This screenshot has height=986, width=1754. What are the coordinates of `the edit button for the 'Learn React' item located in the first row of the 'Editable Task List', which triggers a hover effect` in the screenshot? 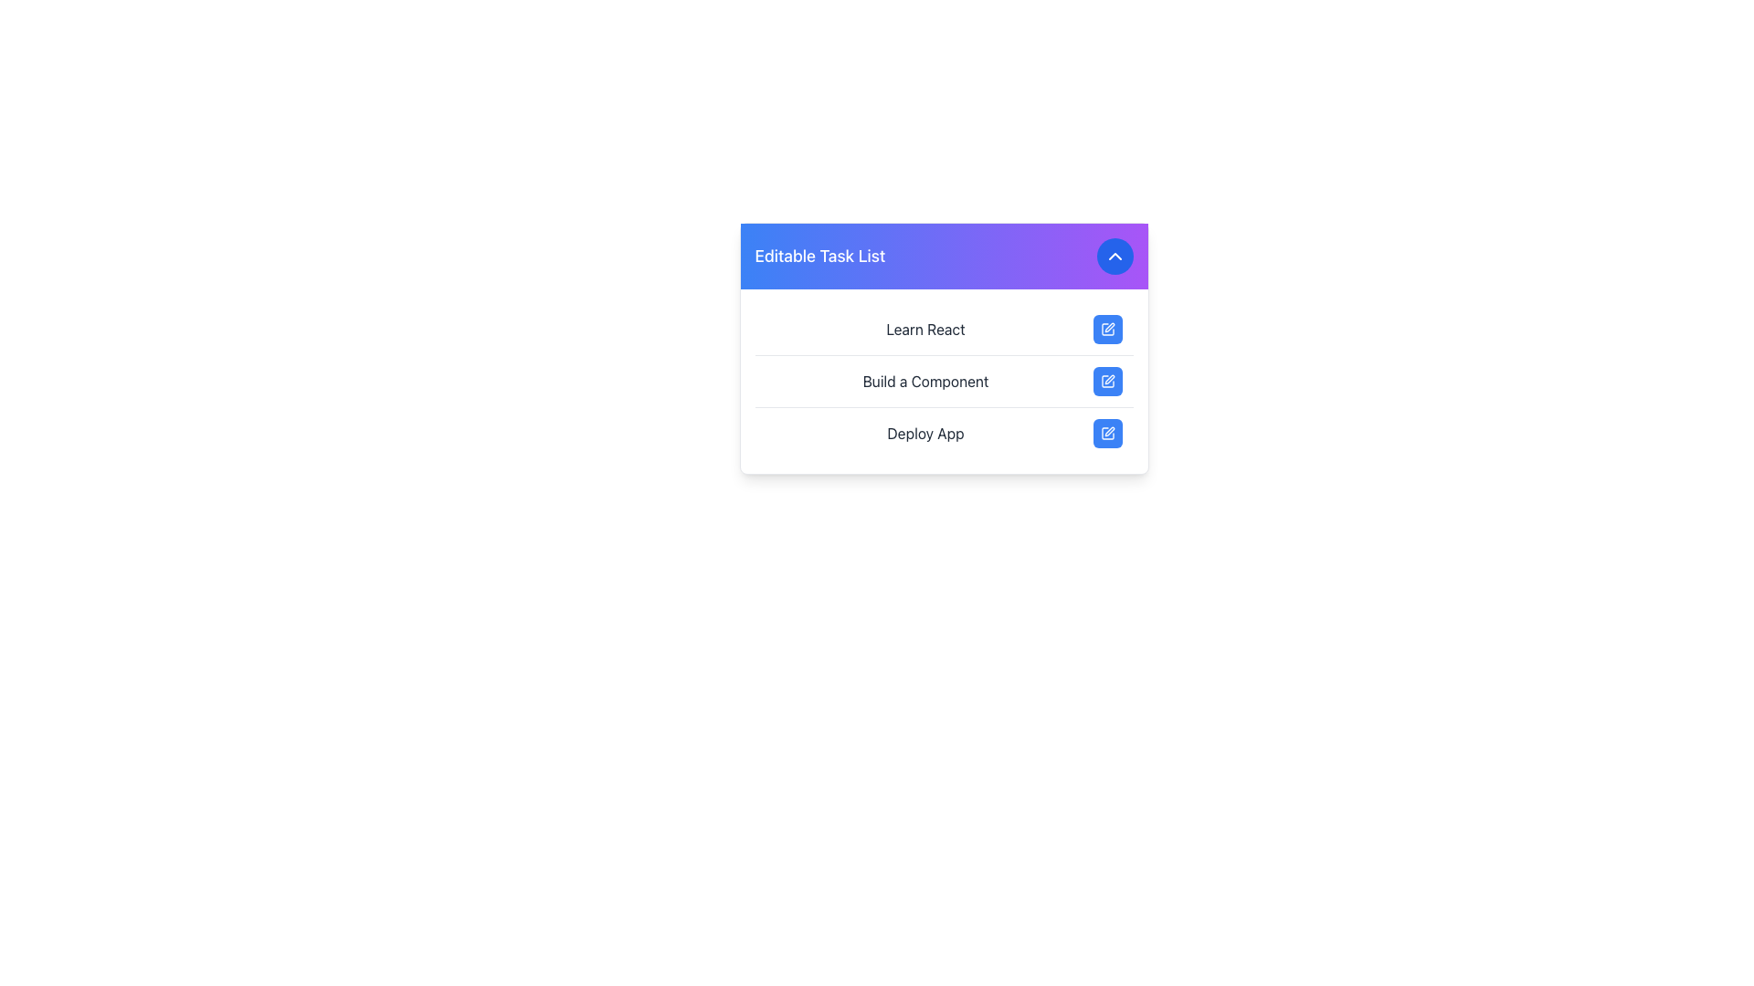 It's located at (1106, 330).